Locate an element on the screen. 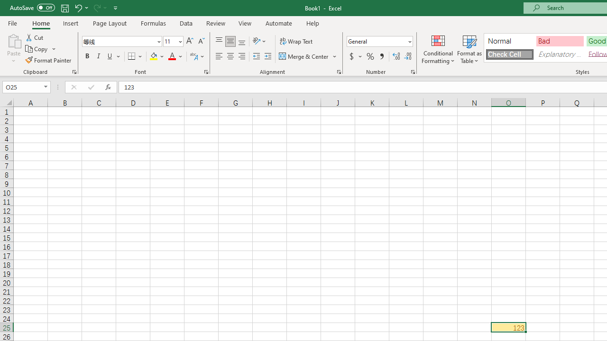 The image size is (607, 341). 'Format Cell Number' is located at coordinates (413, 71).